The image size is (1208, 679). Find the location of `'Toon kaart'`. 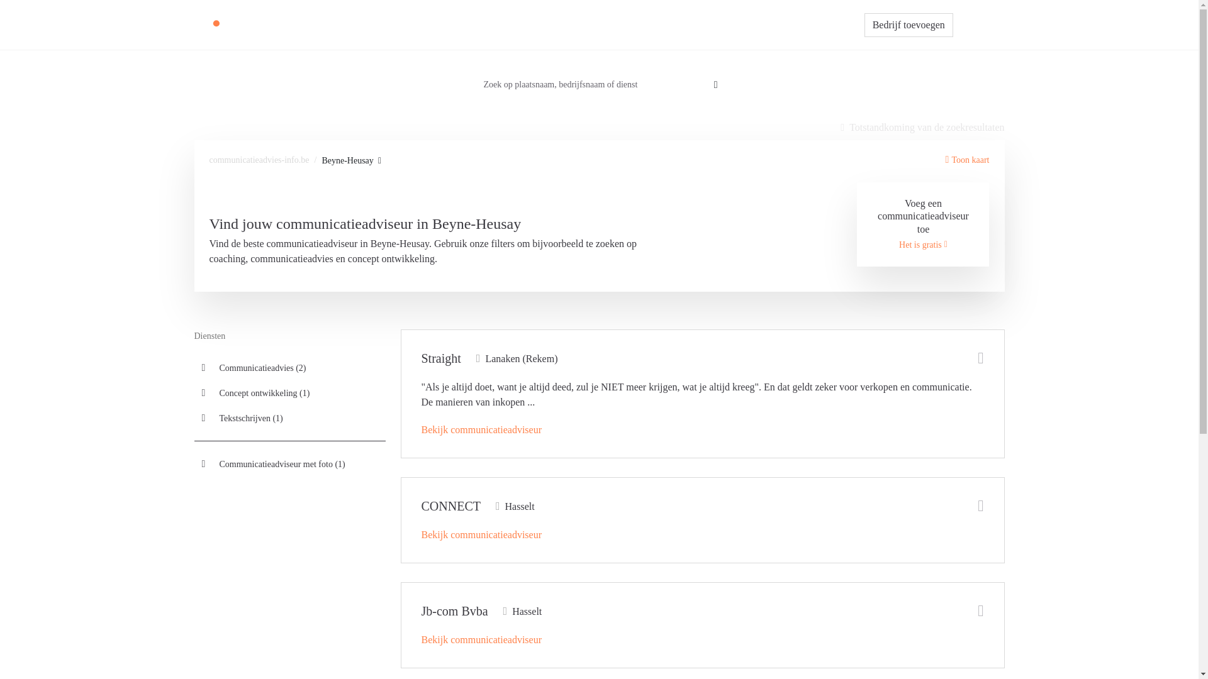

'Toon kaart' is located at coordinates (966, 159).